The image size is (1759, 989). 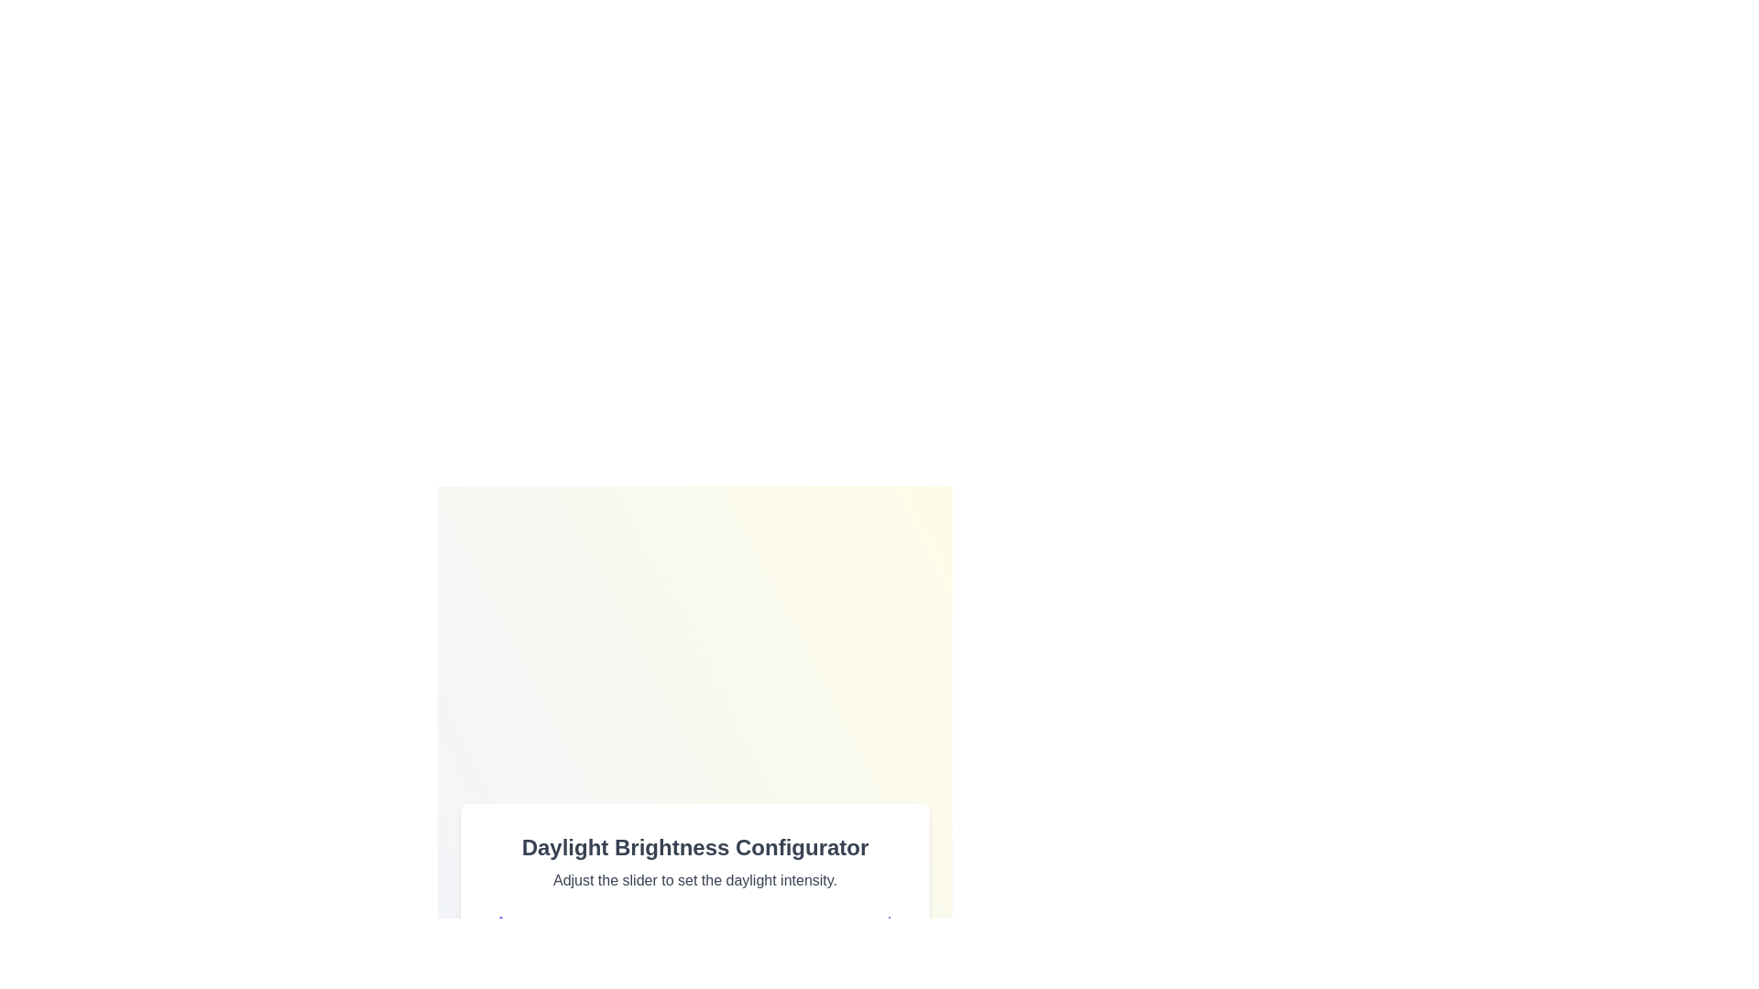 I want to click on the sunrise icon to emphasize it visually, so click(x=501, y=926).